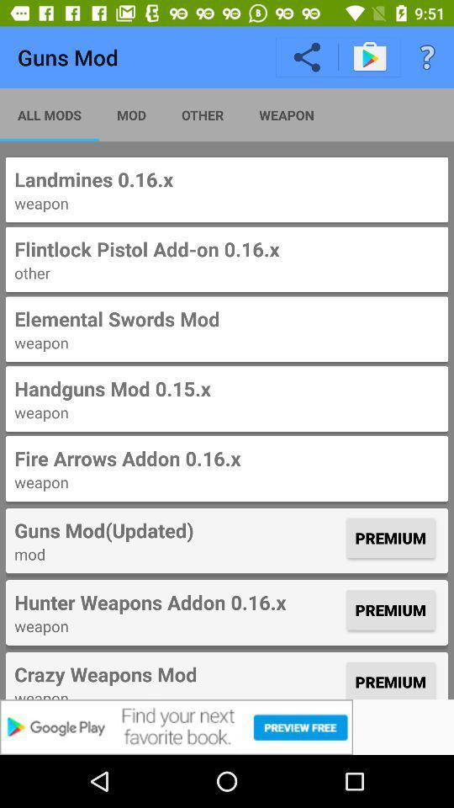 The image size is (454, 808). Describe the element at coordinates (227, 318) in the screenshot. I see `elemental swords mod` at that location.